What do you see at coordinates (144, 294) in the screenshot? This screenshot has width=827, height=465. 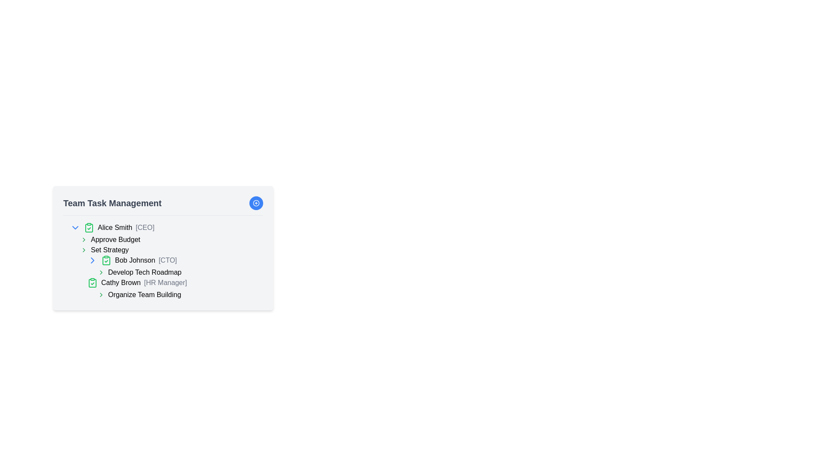 I see `the text label reading 'Organize Team Building' located beneath 'Cathy Brown [HR Manager]' in the 'Team Task Management' section` at bounding box center [144, 294].